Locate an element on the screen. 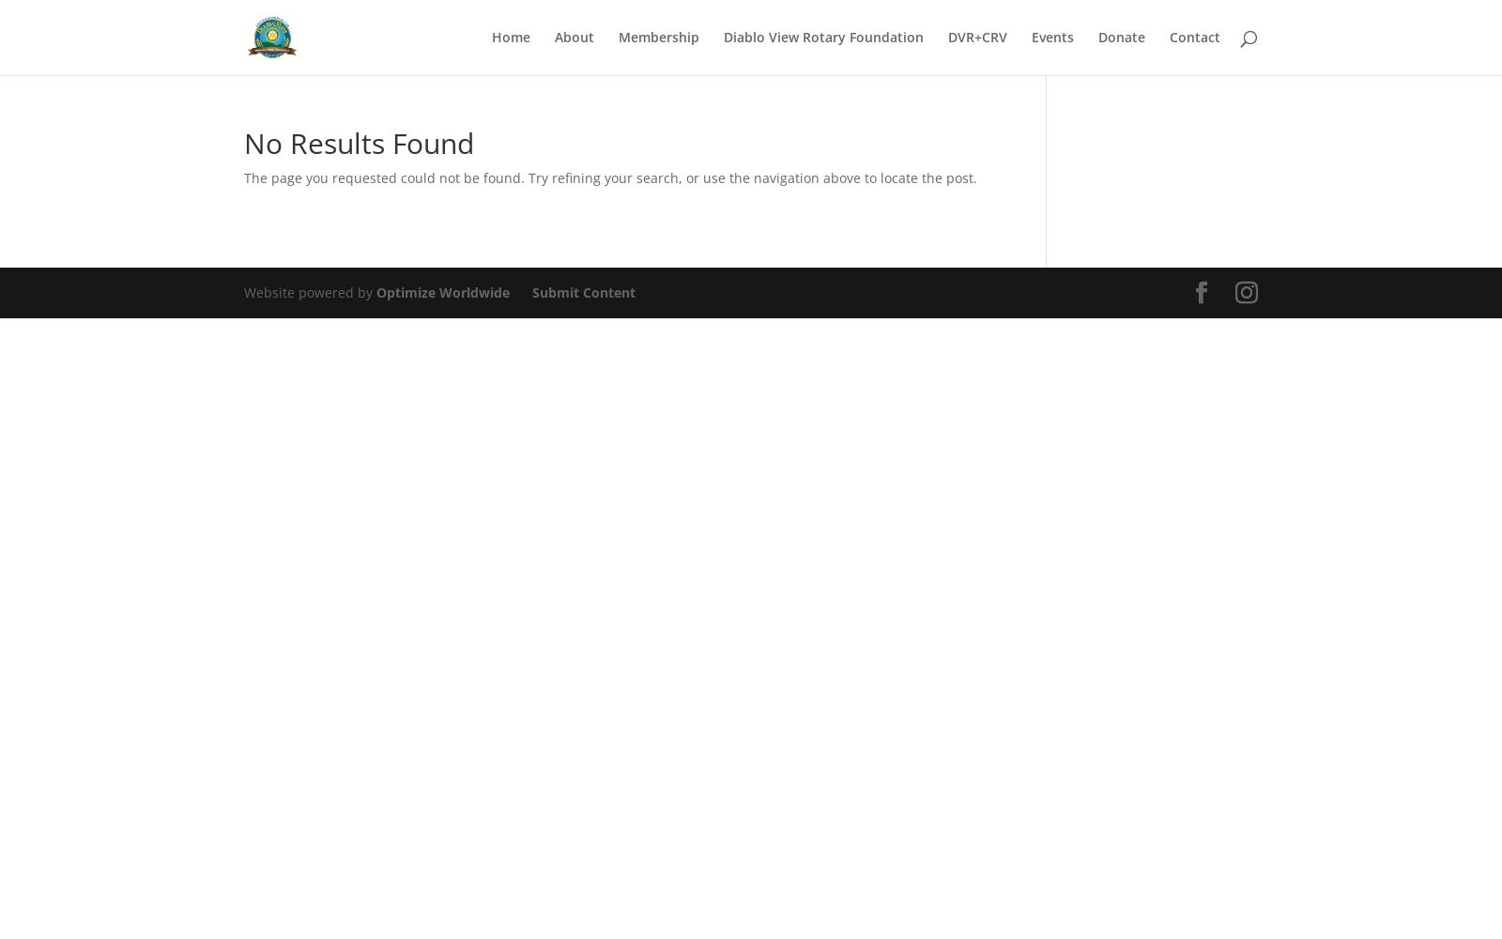 Image resolution: width=1502 pixels, height=939 pixels. 'Home' is located at coordinates (510, 37).